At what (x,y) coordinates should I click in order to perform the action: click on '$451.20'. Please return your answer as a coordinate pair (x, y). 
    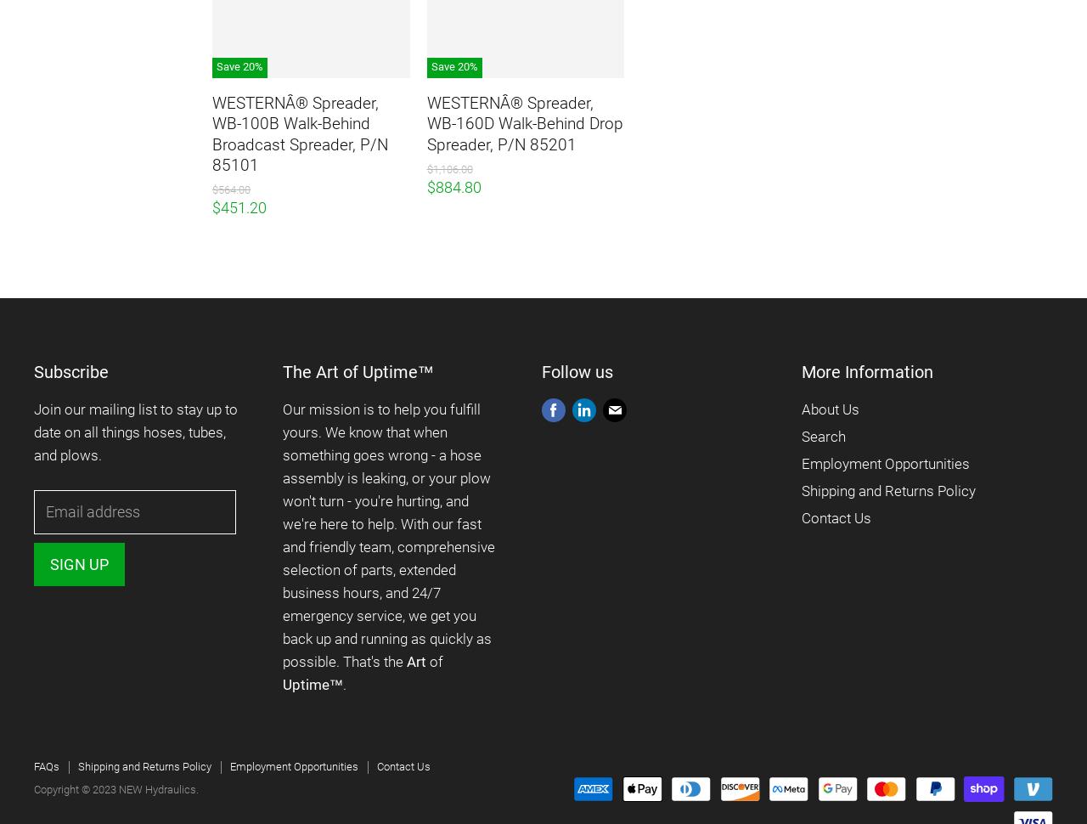
    Looking at the image, I should click on (238, 206).